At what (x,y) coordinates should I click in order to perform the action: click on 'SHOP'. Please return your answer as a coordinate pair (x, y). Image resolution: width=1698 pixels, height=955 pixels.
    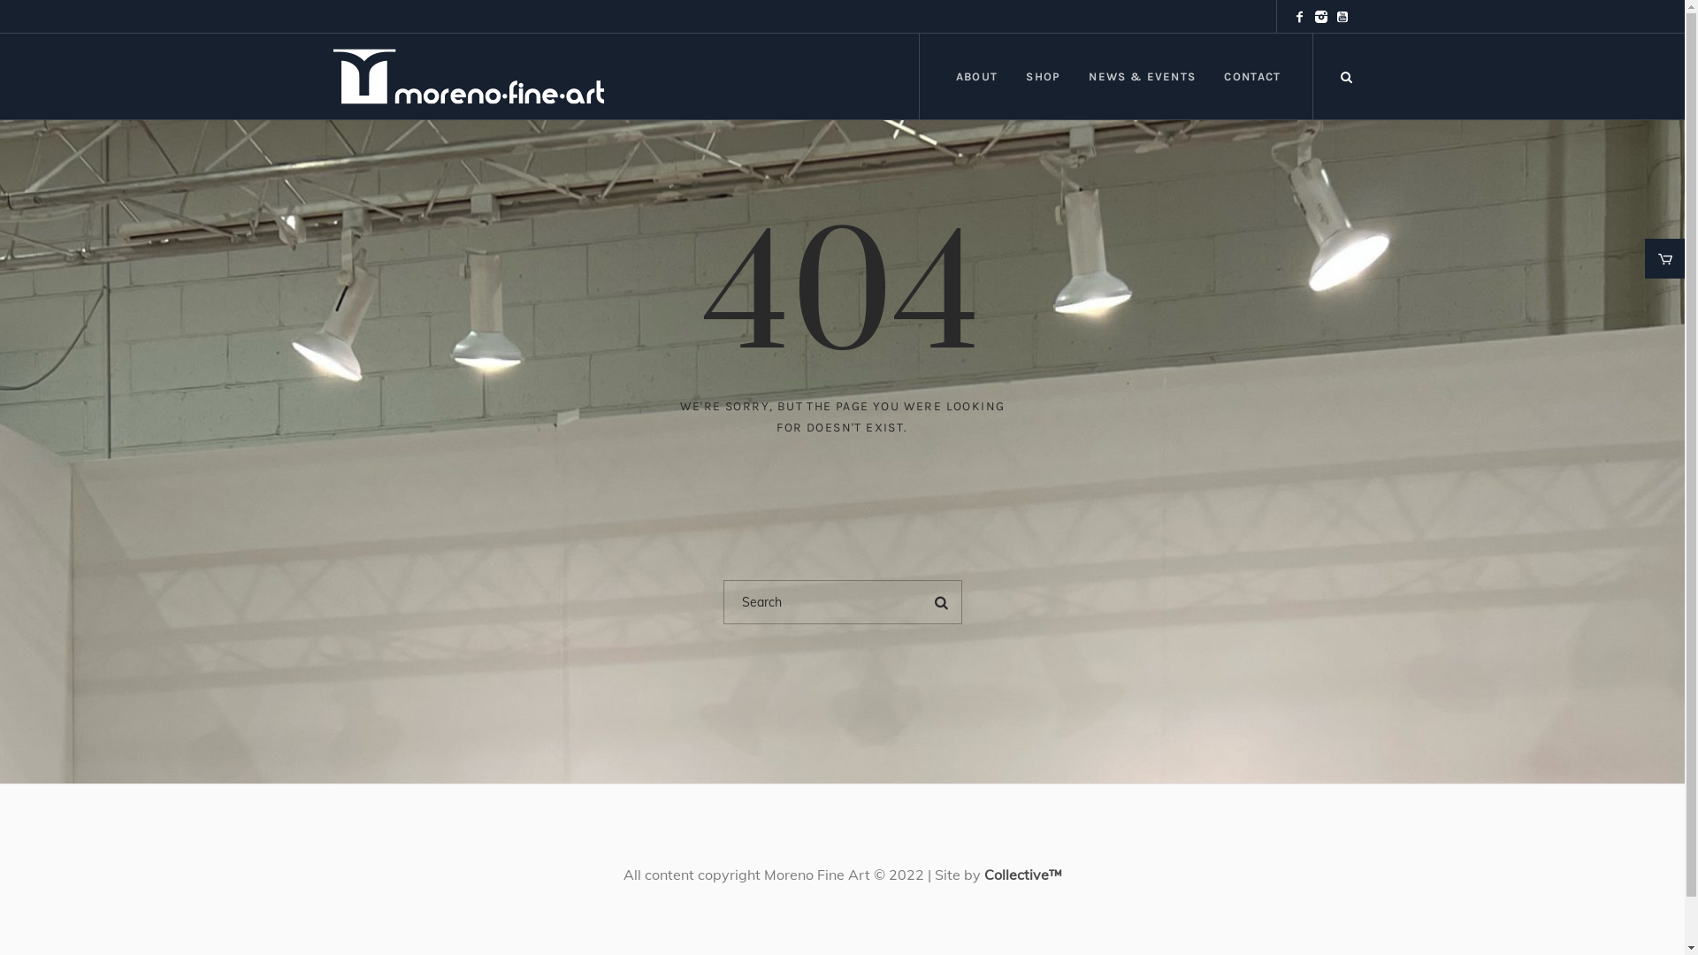
    Looking at the image, I should click on (1043, 75).